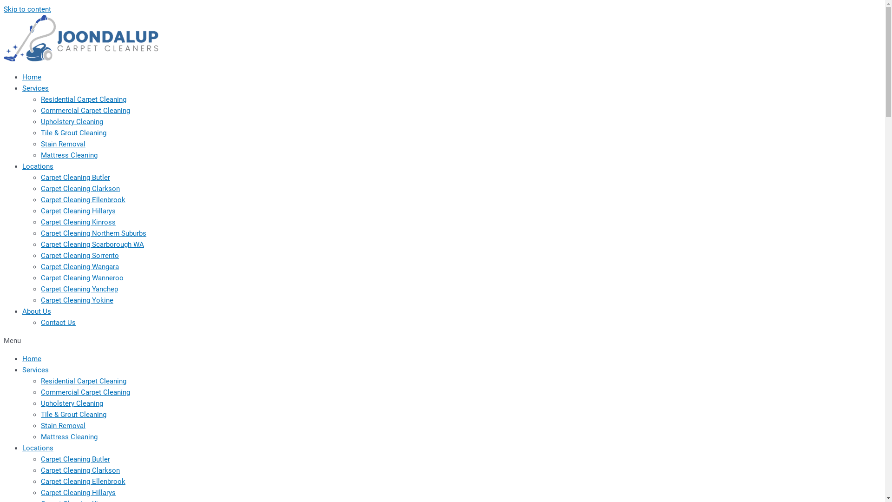 The image size is (892, 502). I want to click on 'Carpet Cleaning Ellenbrook', so click(83, 199).